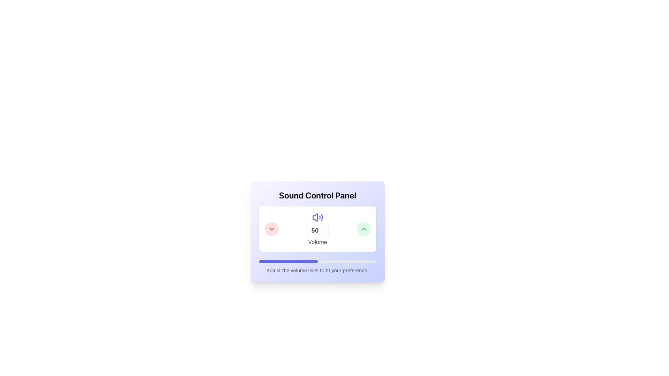 This screenshot has height=376, width=669. Describe the element at coordinates (317, 217) in the screenshot. I see `the vibrant indigo speaker icon with sound waves, located at the top center of the control panel above the Volume numeric input box` at that location.